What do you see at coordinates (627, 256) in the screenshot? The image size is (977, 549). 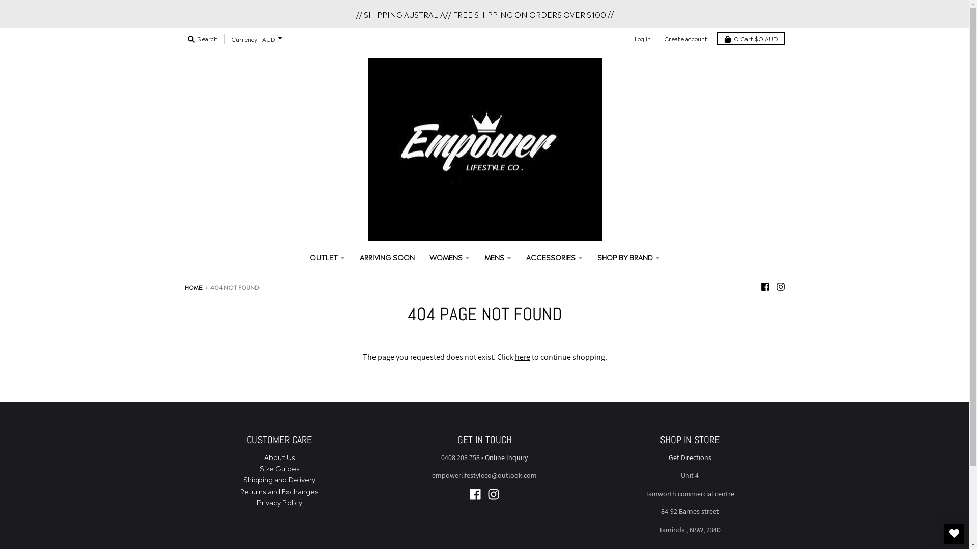 I see `'SHOP BY BRAND'` at bounding box center [627, 256].